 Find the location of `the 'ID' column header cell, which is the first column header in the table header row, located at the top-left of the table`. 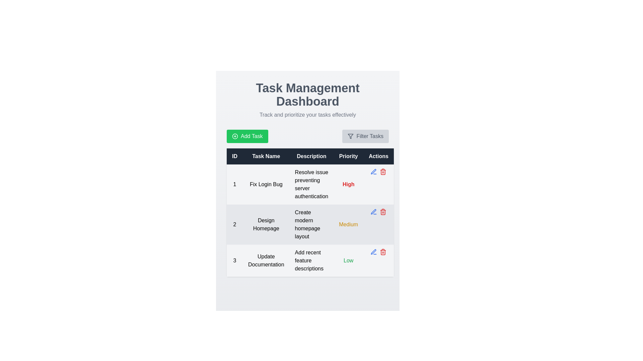

the 'ID' column header cell, which is the first column header in the table header row, located at the top-left of the table is located at coordinates (234, 156).